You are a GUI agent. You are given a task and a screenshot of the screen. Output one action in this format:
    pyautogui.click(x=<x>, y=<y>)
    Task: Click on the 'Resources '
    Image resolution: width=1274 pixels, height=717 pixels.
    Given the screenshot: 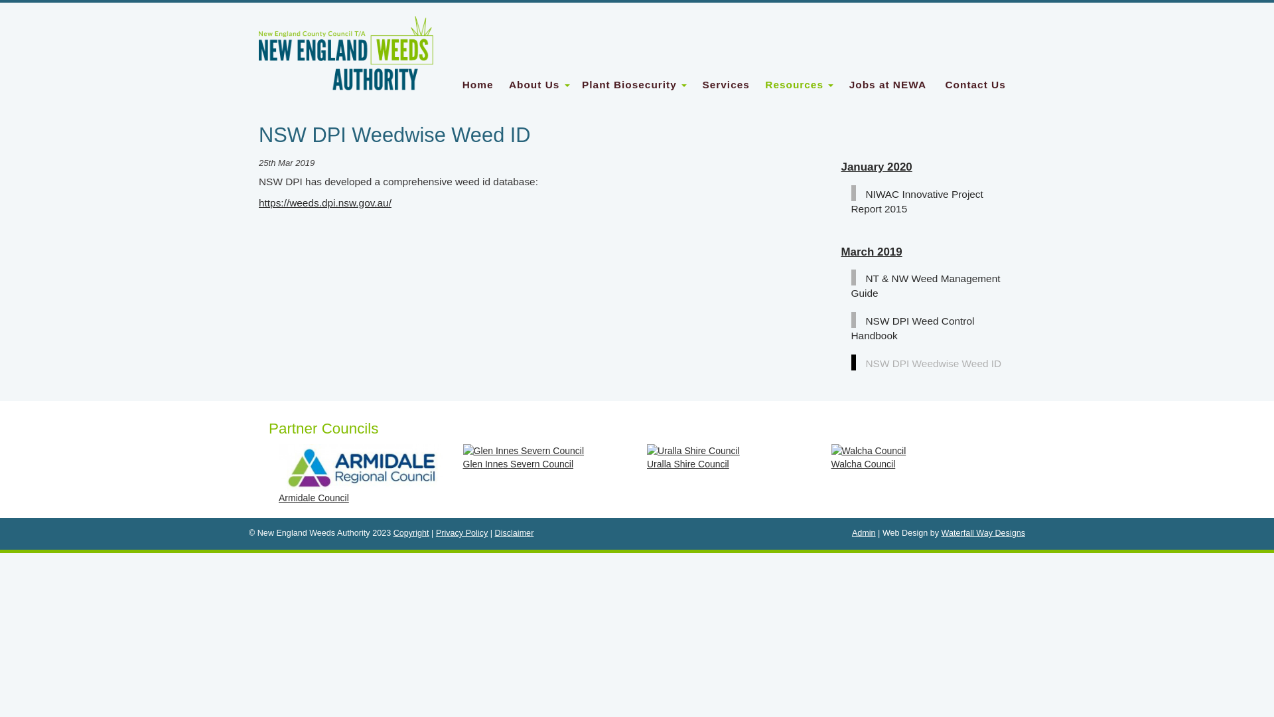 What is the action you would take?
    pyautogui.click(x=798, y=84)
    